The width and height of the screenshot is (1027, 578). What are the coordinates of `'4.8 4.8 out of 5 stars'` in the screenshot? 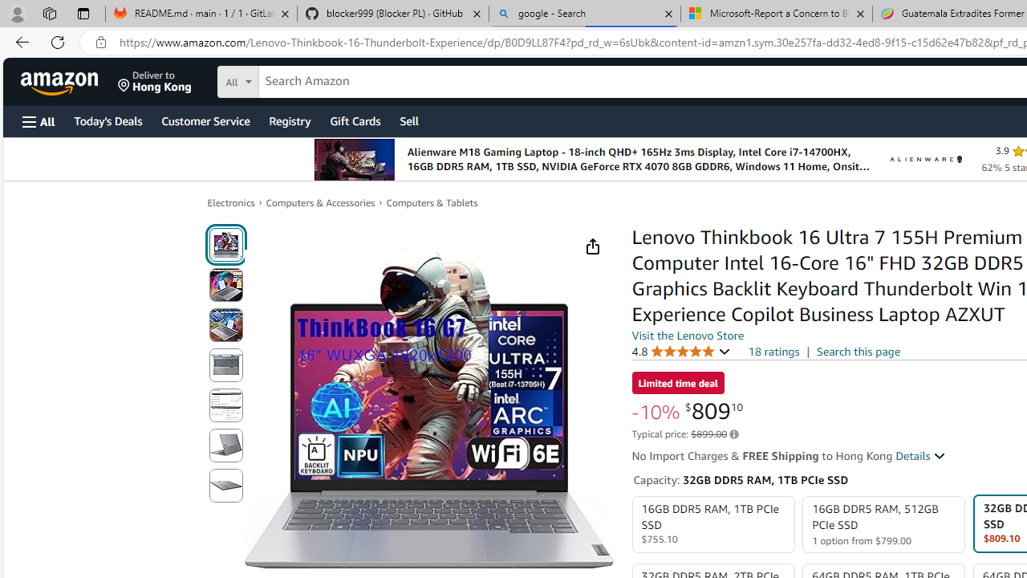 It's located at (681, 350).